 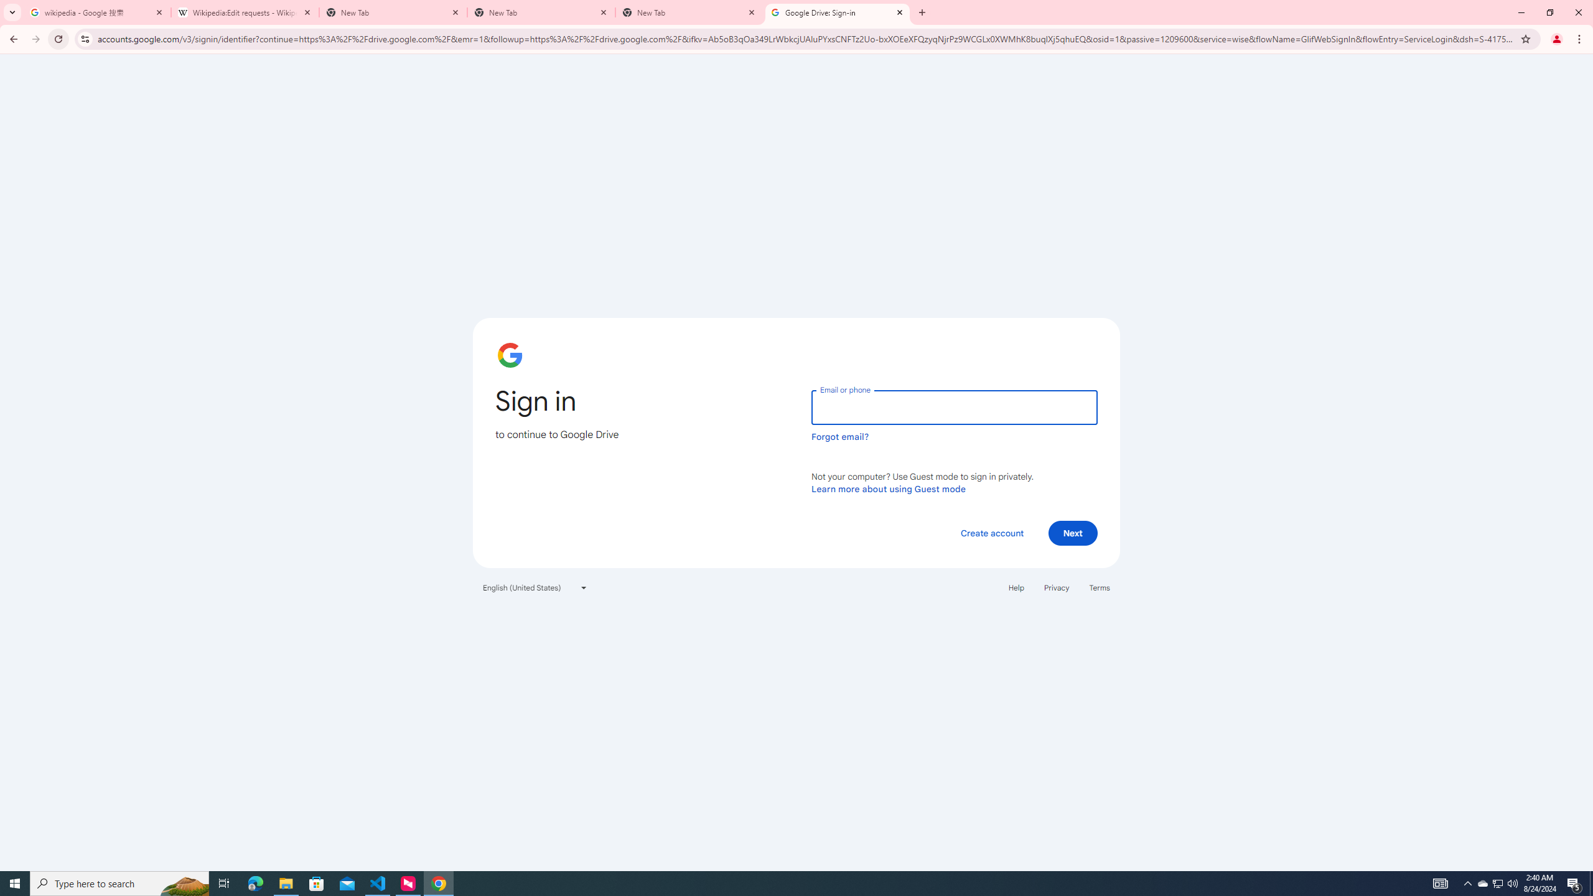 I want to click on 'Learn more about using Guest mode', so click(x=888, y=488).